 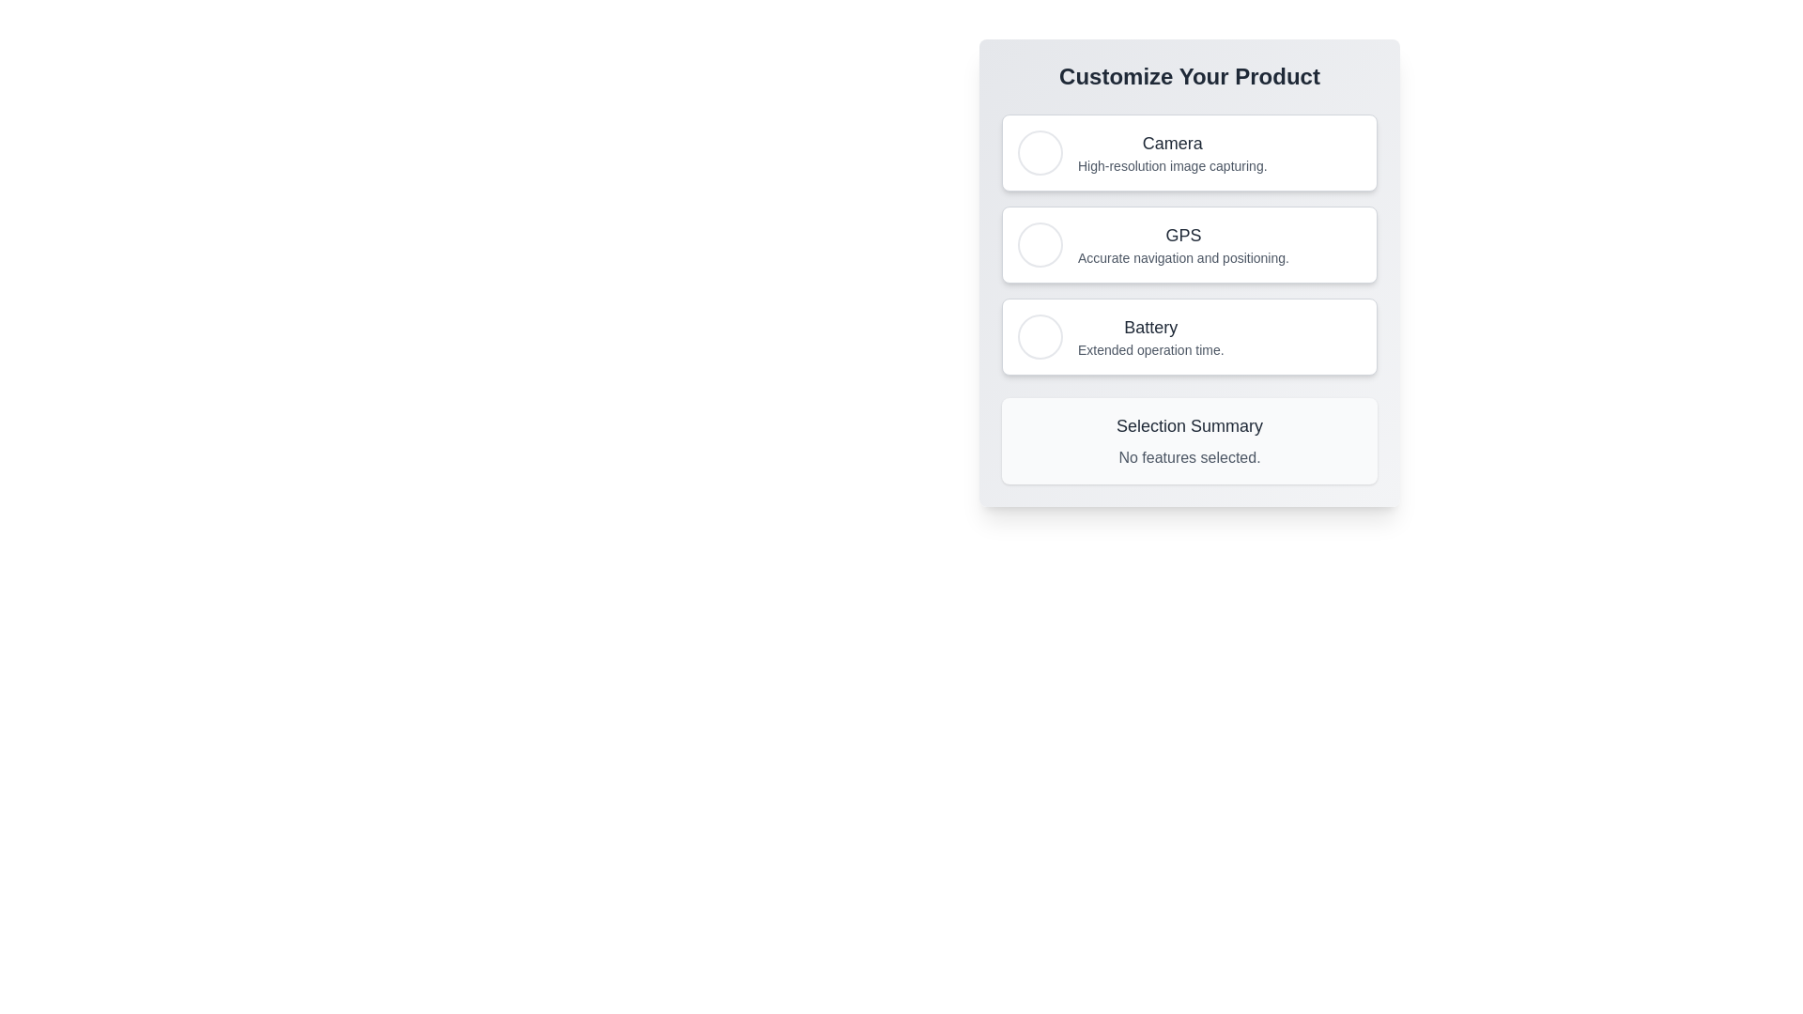 What do you see at coordinates (1182, 257) in the screenshot?
I see `the text label providing additional information for the GPS feature, which is located centrally in the card under the 'GPS' heading` at bounding box center [1182, 257].